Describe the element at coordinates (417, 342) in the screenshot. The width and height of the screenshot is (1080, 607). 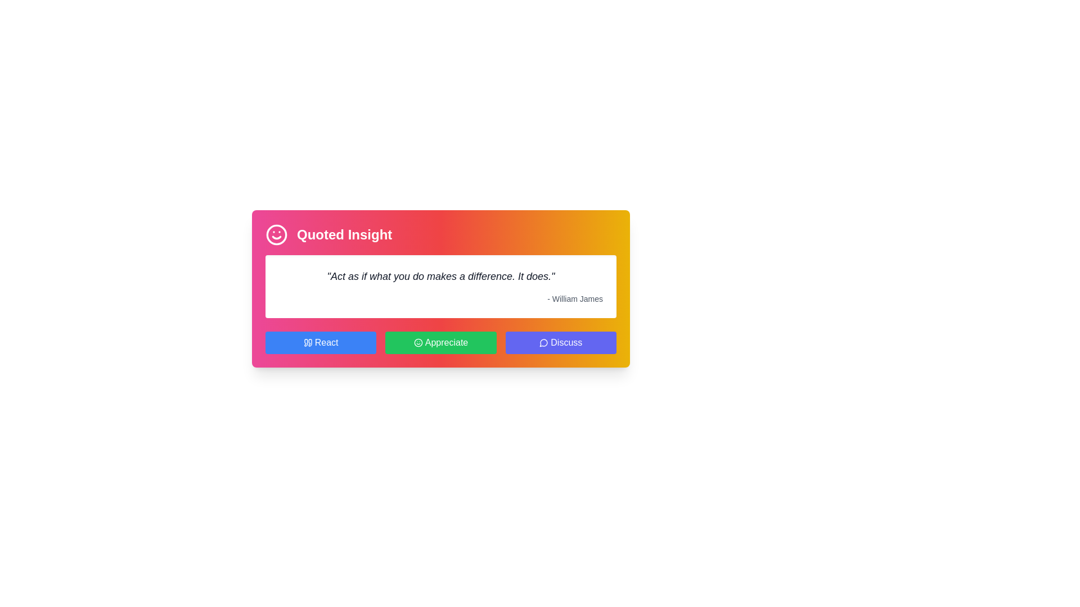
I see `the smiley face icon within the 'Appreciate' button, which is located at the center of the bottom row of action buttons in the quoted insight card` at that location.